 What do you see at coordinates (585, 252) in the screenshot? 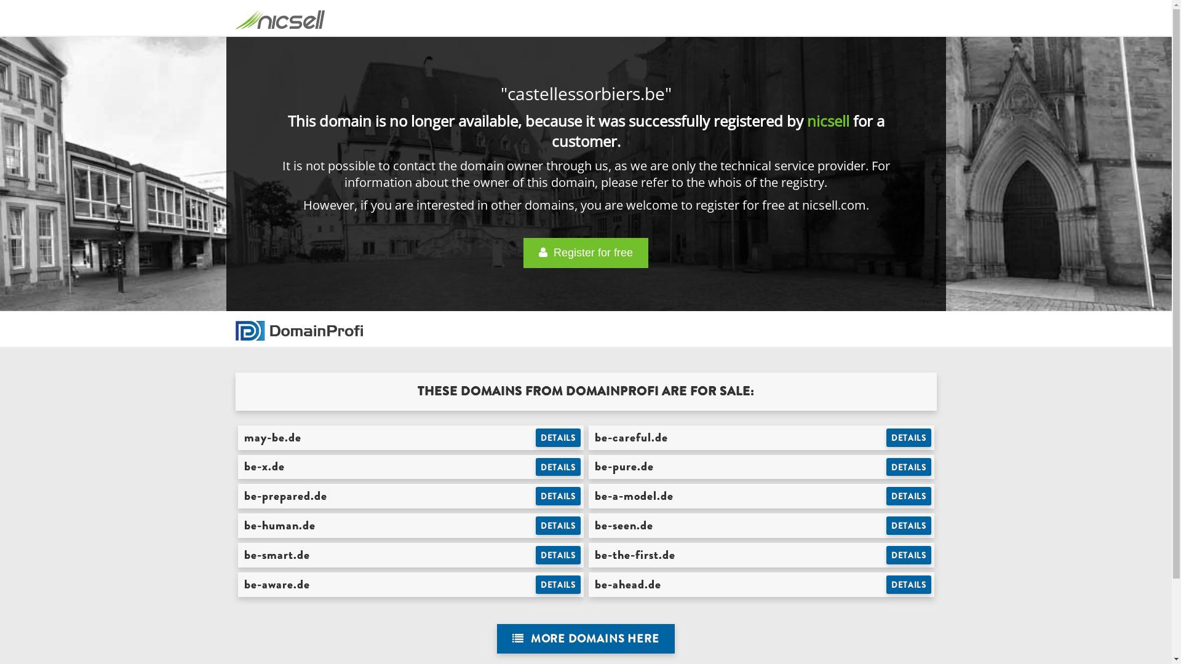
I see `'  Register for free'` at bounding box center [585, 252].